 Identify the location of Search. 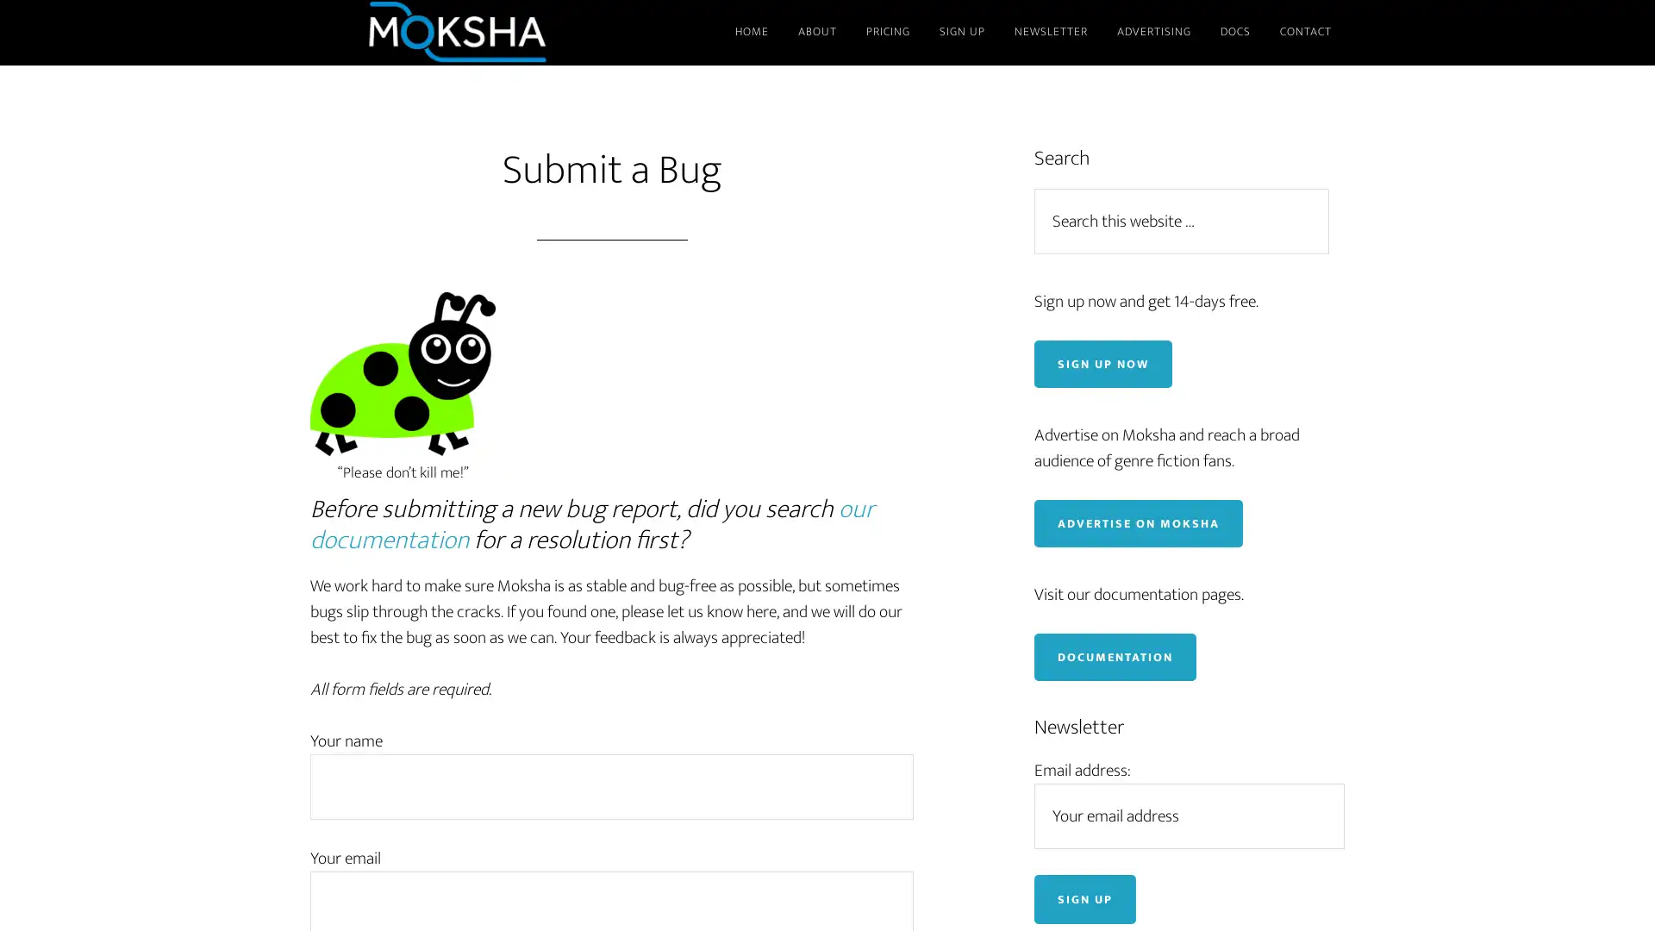
(1336, 187).